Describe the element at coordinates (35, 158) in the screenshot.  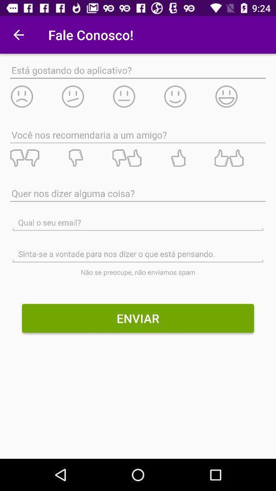
I see `dislike` at that location.